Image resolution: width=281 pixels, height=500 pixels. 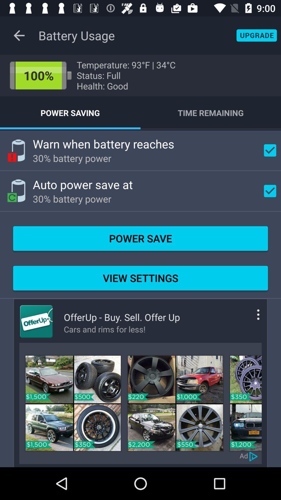 I want to click on icon below the cars and rims, so click(x=175, y=403).